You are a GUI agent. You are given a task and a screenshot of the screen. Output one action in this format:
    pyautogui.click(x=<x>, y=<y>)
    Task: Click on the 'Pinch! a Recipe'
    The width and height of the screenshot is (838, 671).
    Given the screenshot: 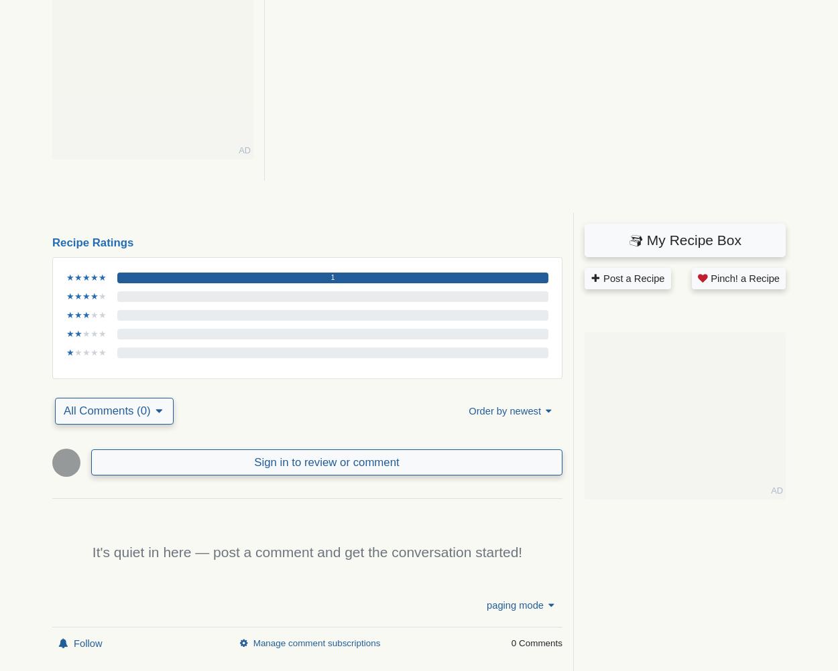 What is the action you would take?
    pyautogui.click(x=743, y=278)
    